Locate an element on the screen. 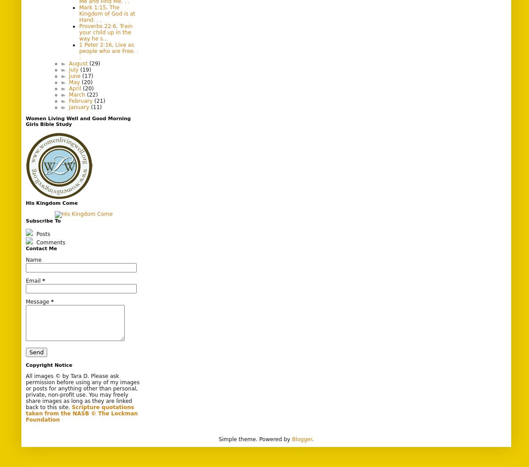  'May' is located at coordinates (68, 81).